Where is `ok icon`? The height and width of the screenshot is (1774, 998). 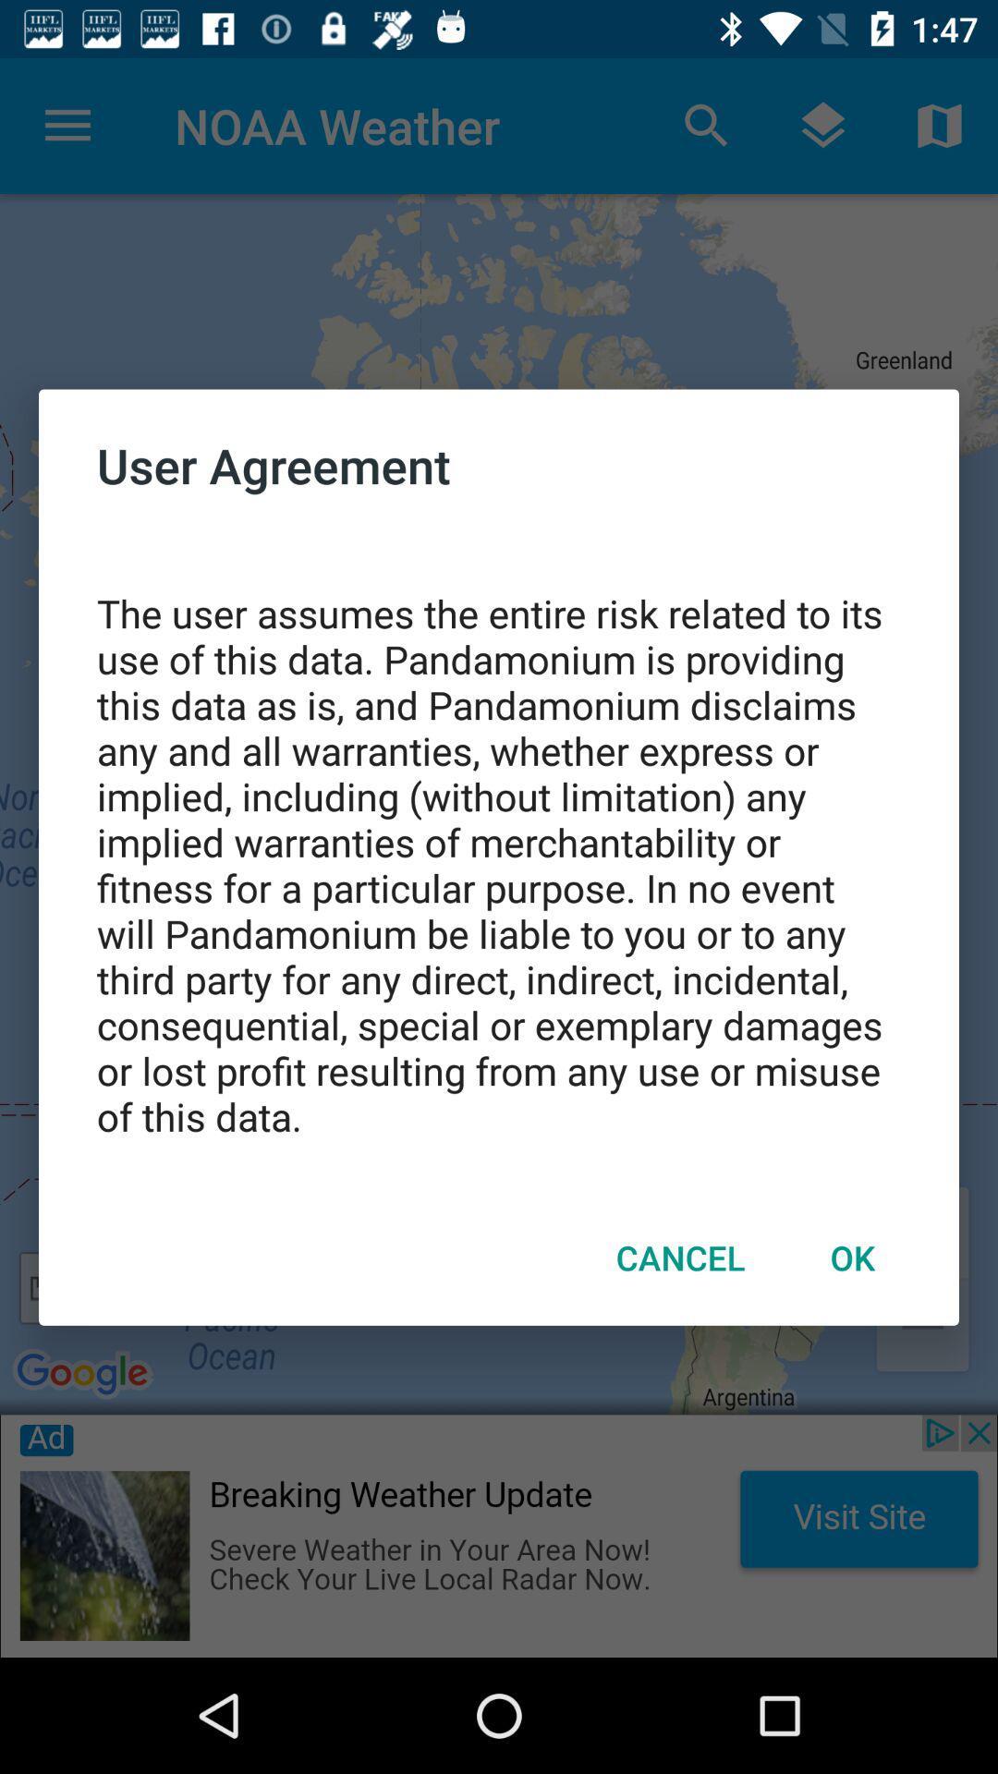 ok icon is located at coordinates (852, 1257).